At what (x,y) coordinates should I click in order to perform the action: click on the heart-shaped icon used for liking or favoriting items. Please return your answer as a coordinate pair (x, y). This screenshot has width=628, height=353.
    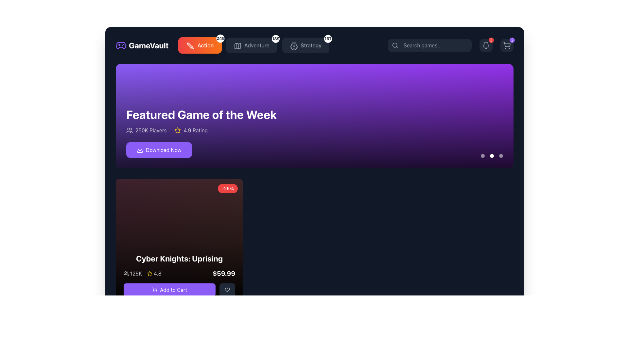
    Looking at the image, I should click on (227, 290).